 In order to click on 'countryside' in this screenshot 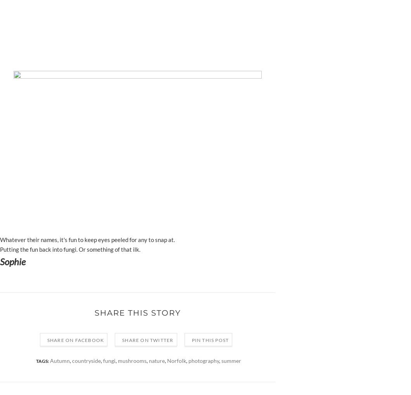, I will do `click(86, 361)`.